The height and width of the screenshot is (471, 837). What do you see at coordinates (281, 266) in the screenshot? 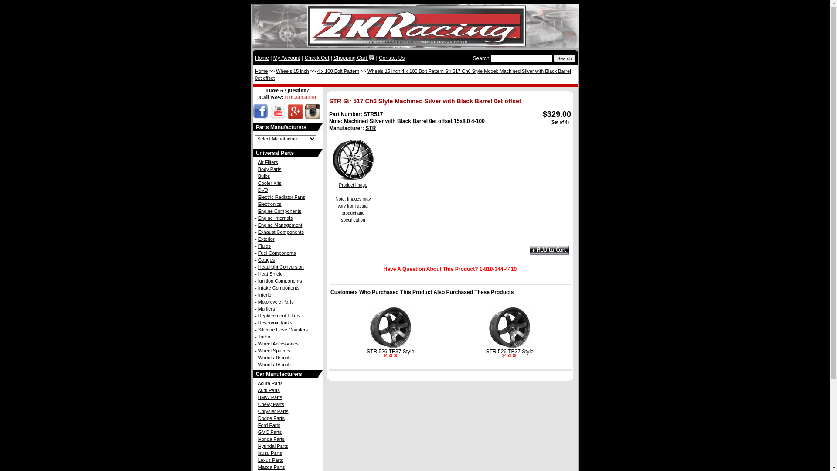
I see `'Headlight Conversion'` at bounding box center [281, 266].